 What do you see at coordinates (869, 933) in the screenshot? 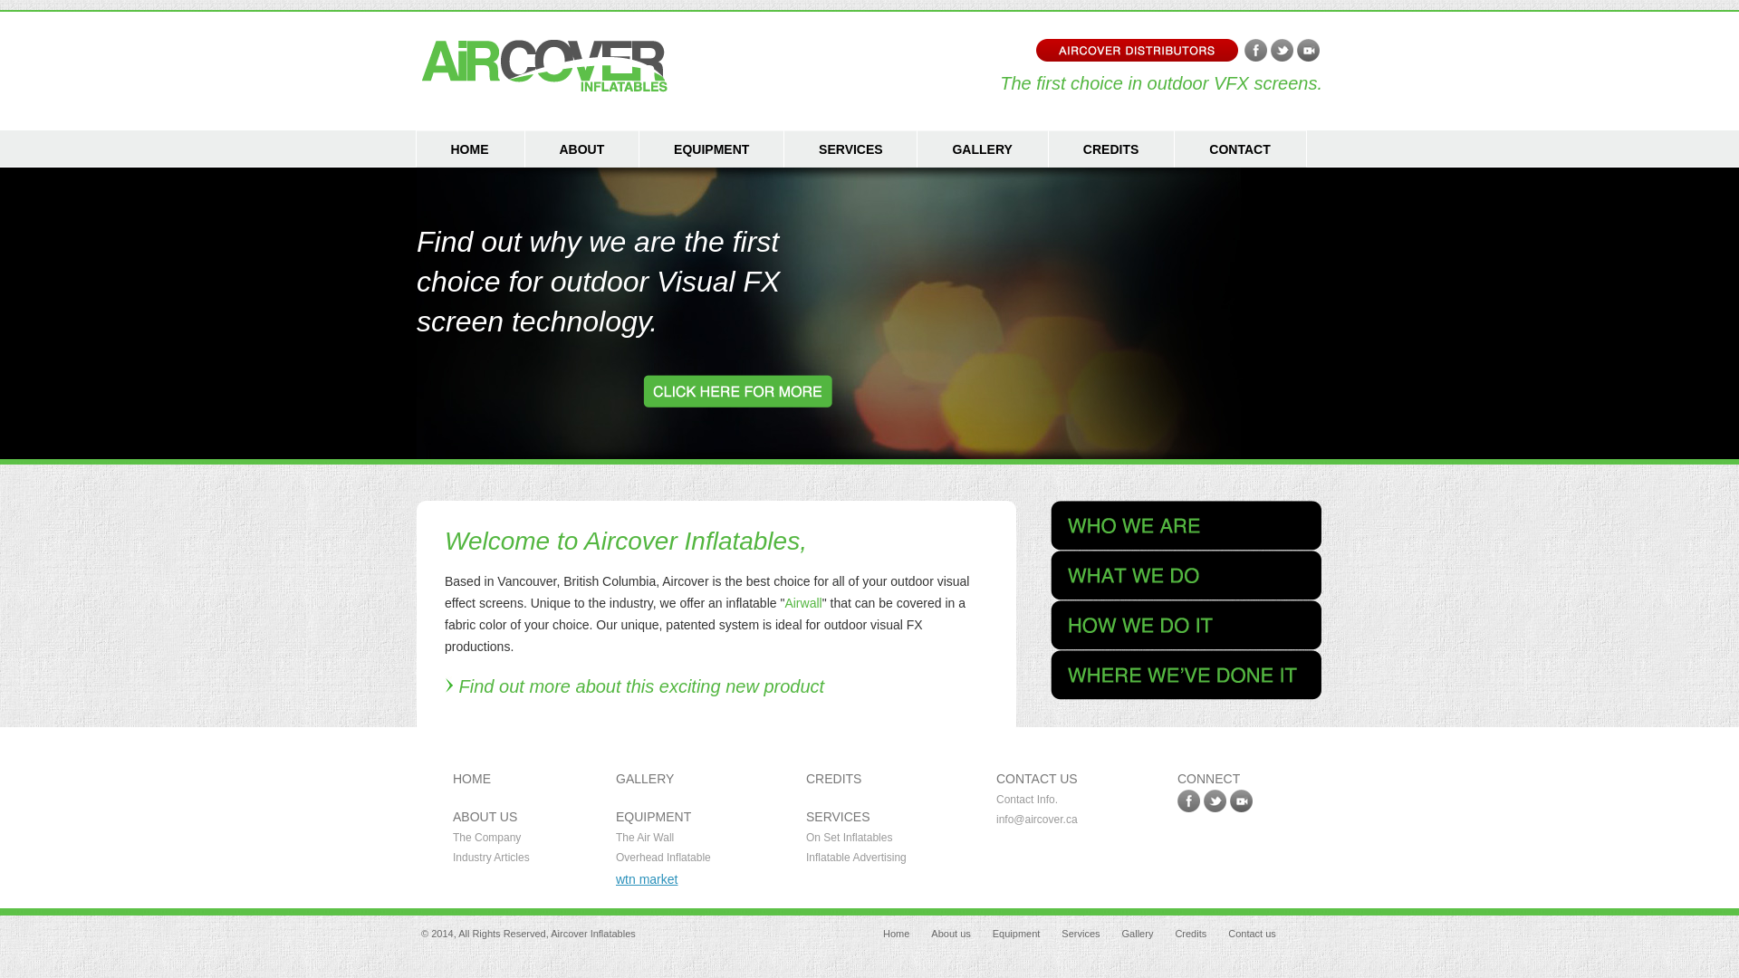
I see `'Home'` at bounding box center [869, 933].